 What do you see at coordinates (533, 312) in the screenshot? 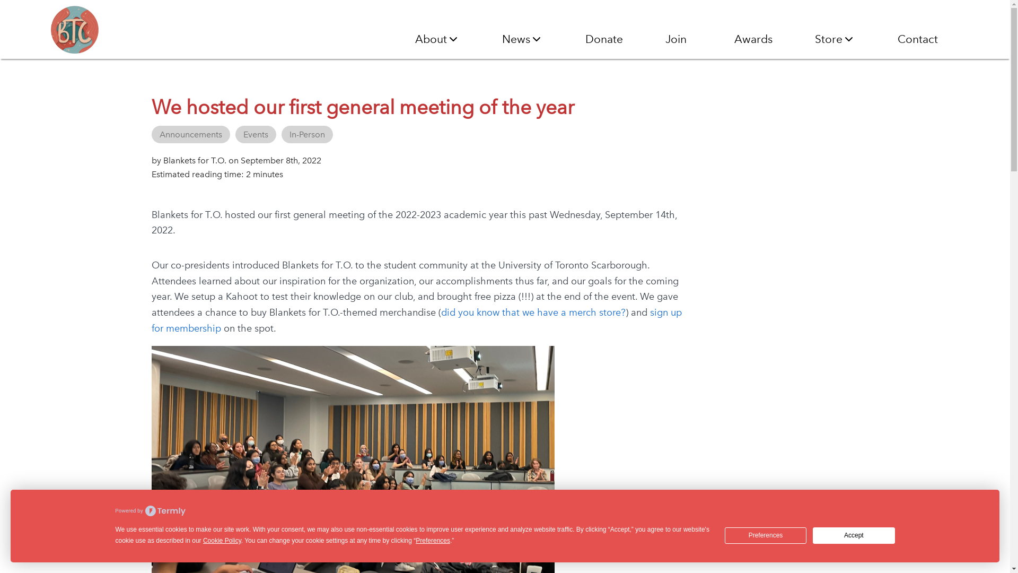
I see `'did you know that we have a merch store?'` at bounding box center [533, 312].